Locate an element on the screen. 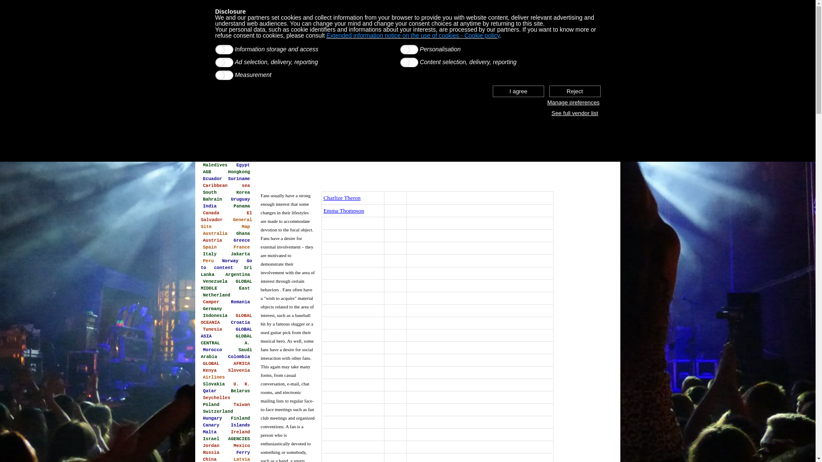 Image resolution: width=822 pixels, height=462 pixels. 'Ecuador' is located at coordinates (212, 178).